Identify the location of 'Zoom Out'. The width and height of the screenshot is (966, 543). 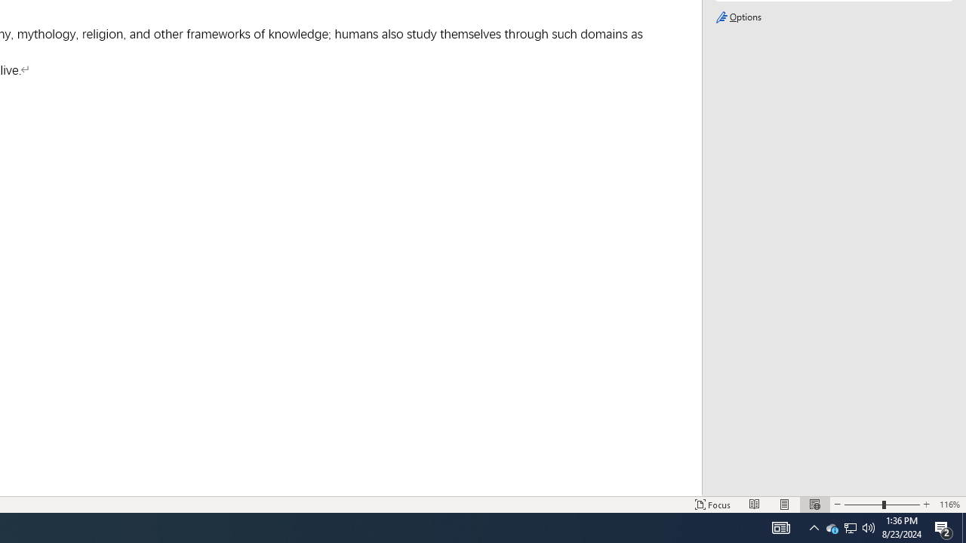
(863, 505).